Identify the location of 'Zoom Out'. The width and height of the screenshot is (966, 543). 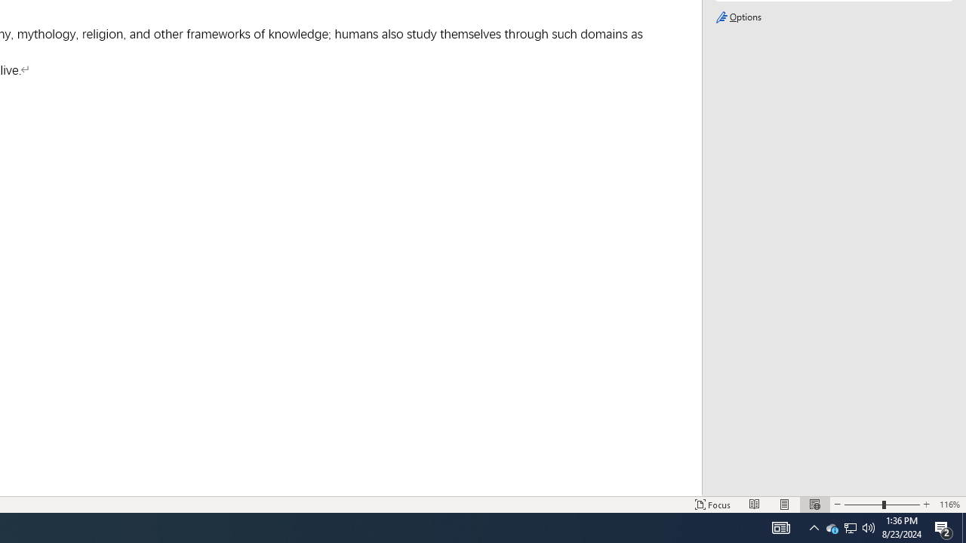
(863, 505).